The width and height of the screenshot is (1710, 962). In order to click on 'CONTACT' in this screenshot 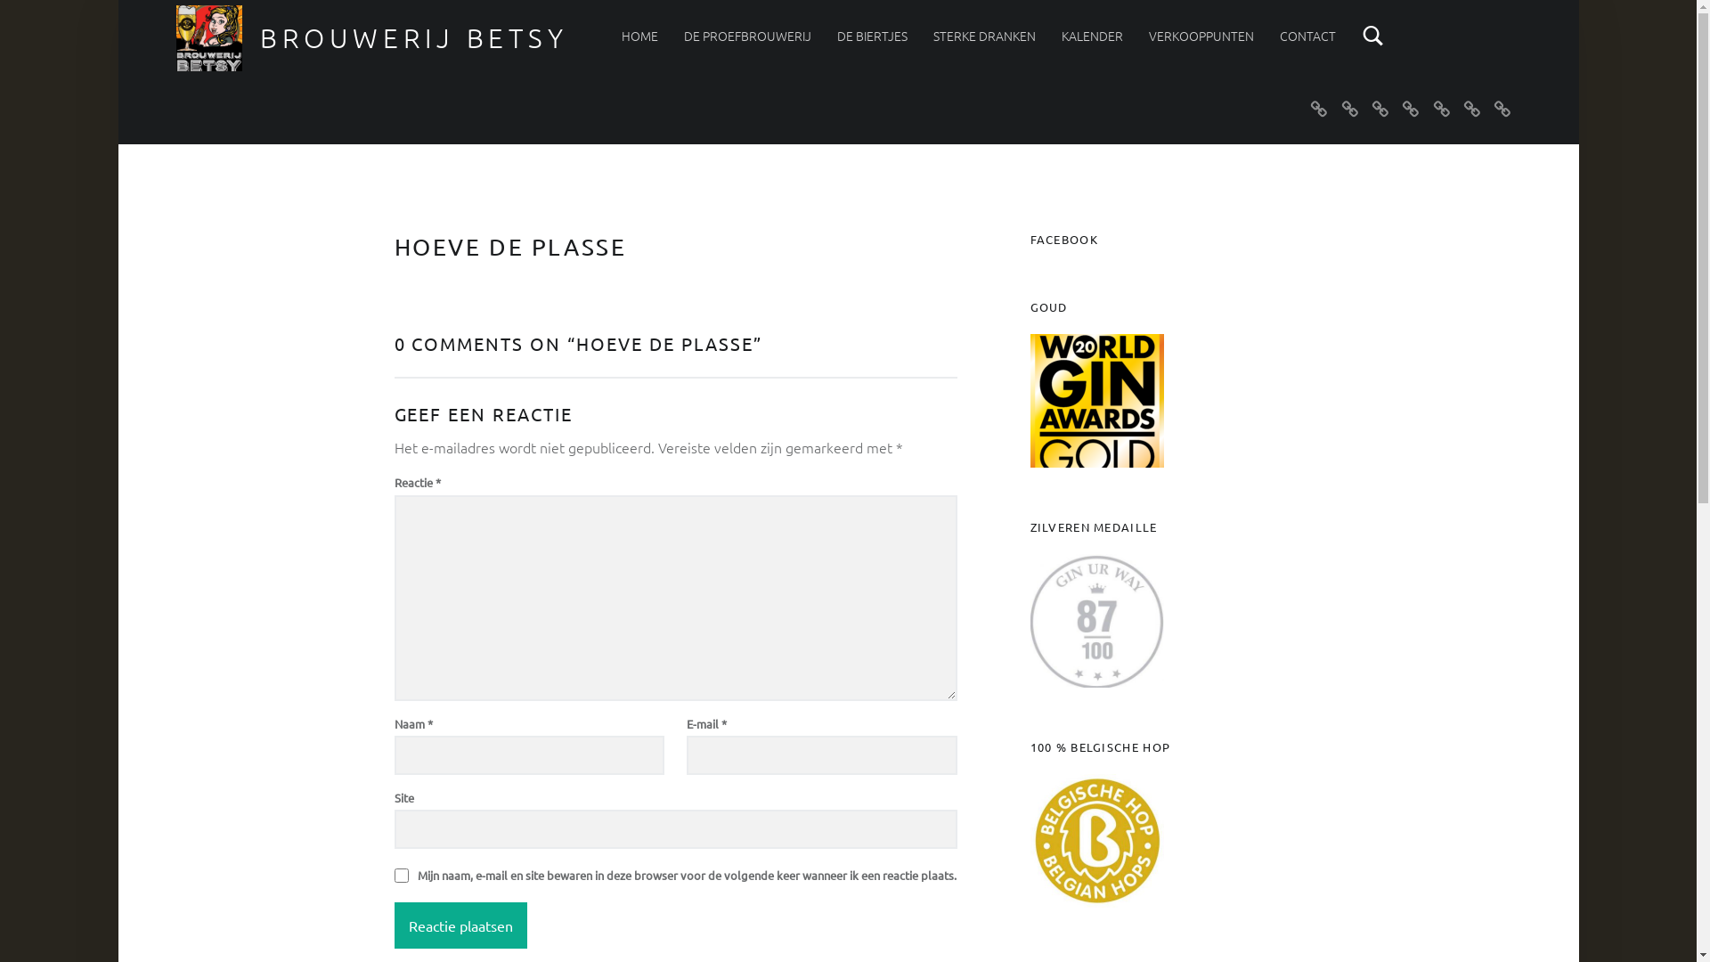, I will do `click(1307, 35)`.